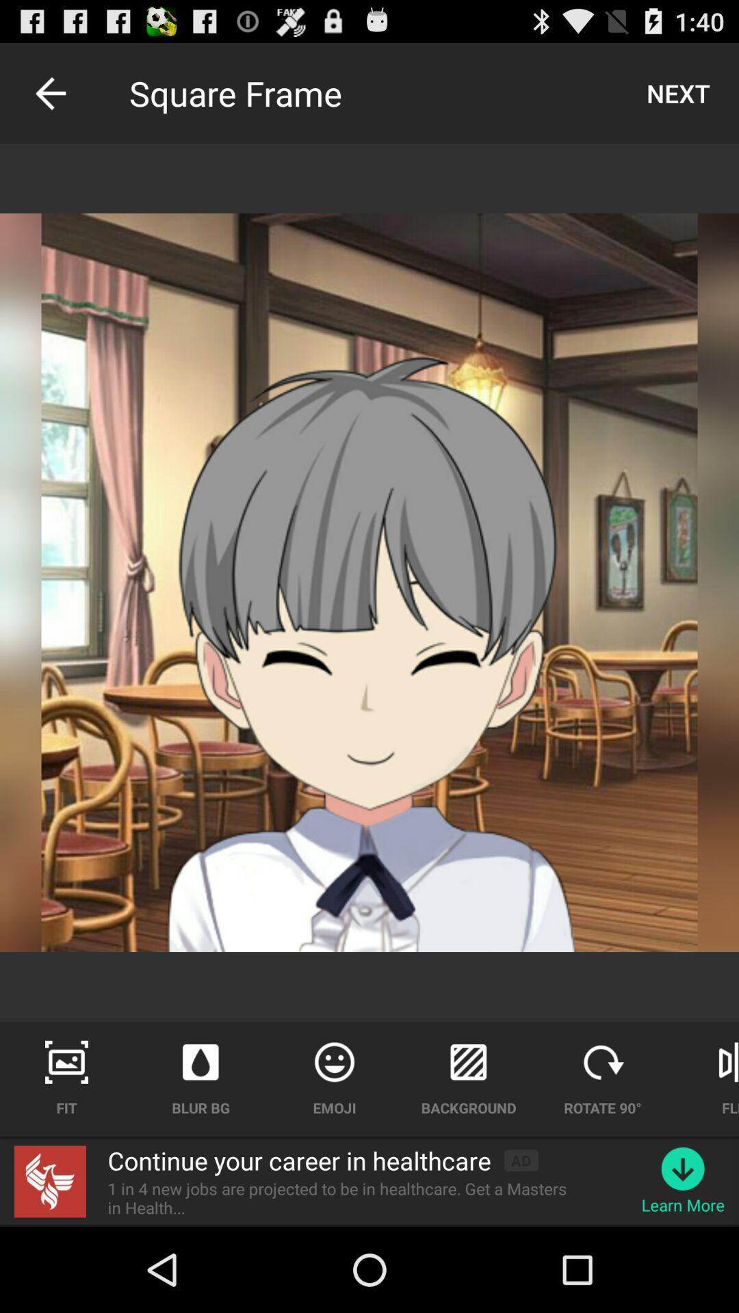 The width and height of the screenshot is (739, 1313). I want to click on app above the 1 in 4 app, so click(521, 1160).